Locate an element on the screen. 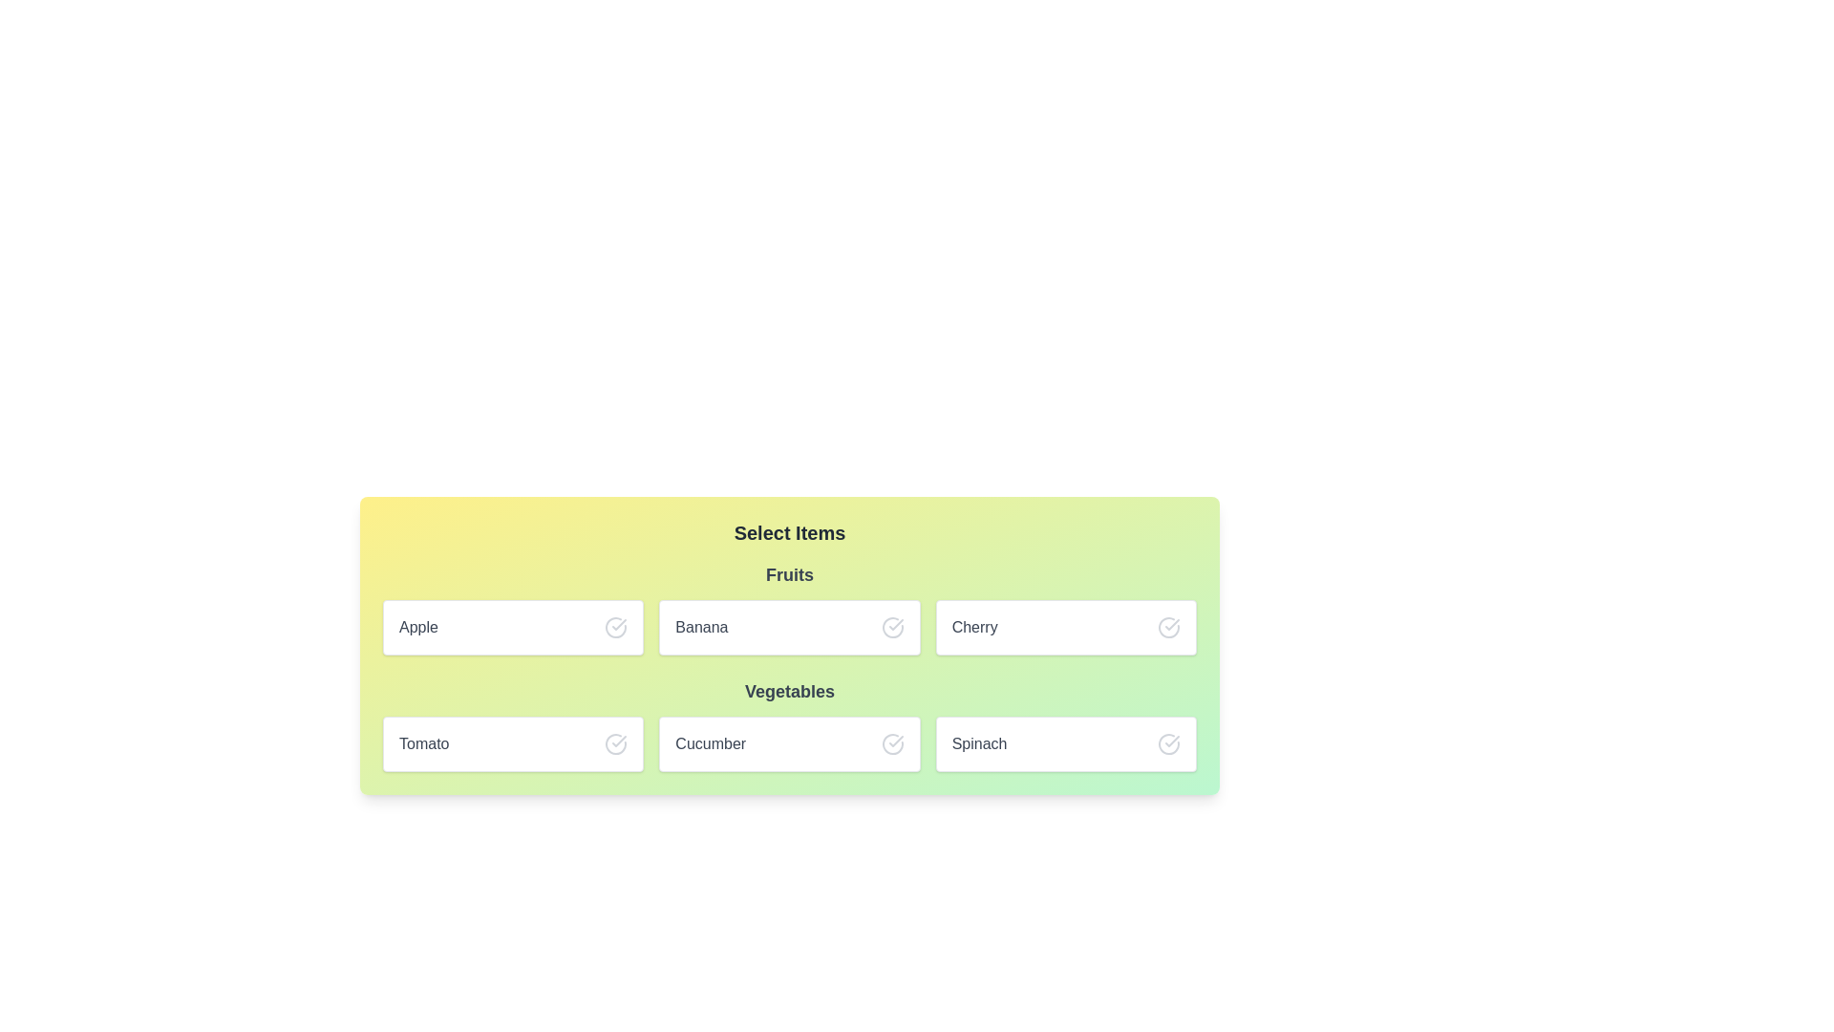  the selectable card labeled 'Tomato' located in the bottom row of the grid under the 'Vegetables' section is located at coordinates (513, 743).